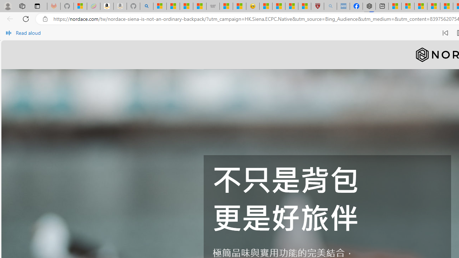 This screenshot has height=258, width=459. I want to click on '14 Common Myths Debunked By Scientific Facts', so click(433, 6).